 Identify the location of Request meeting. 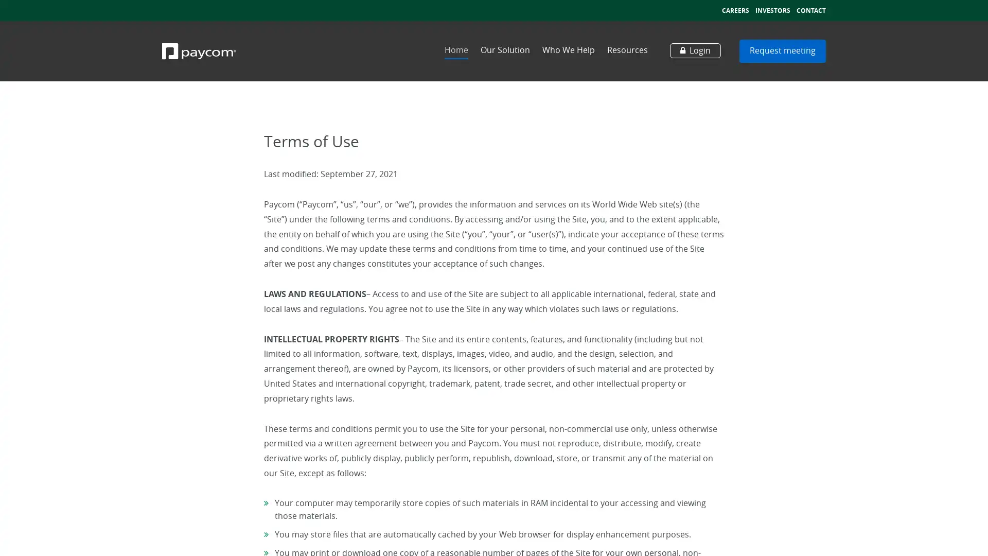
(782, 50).